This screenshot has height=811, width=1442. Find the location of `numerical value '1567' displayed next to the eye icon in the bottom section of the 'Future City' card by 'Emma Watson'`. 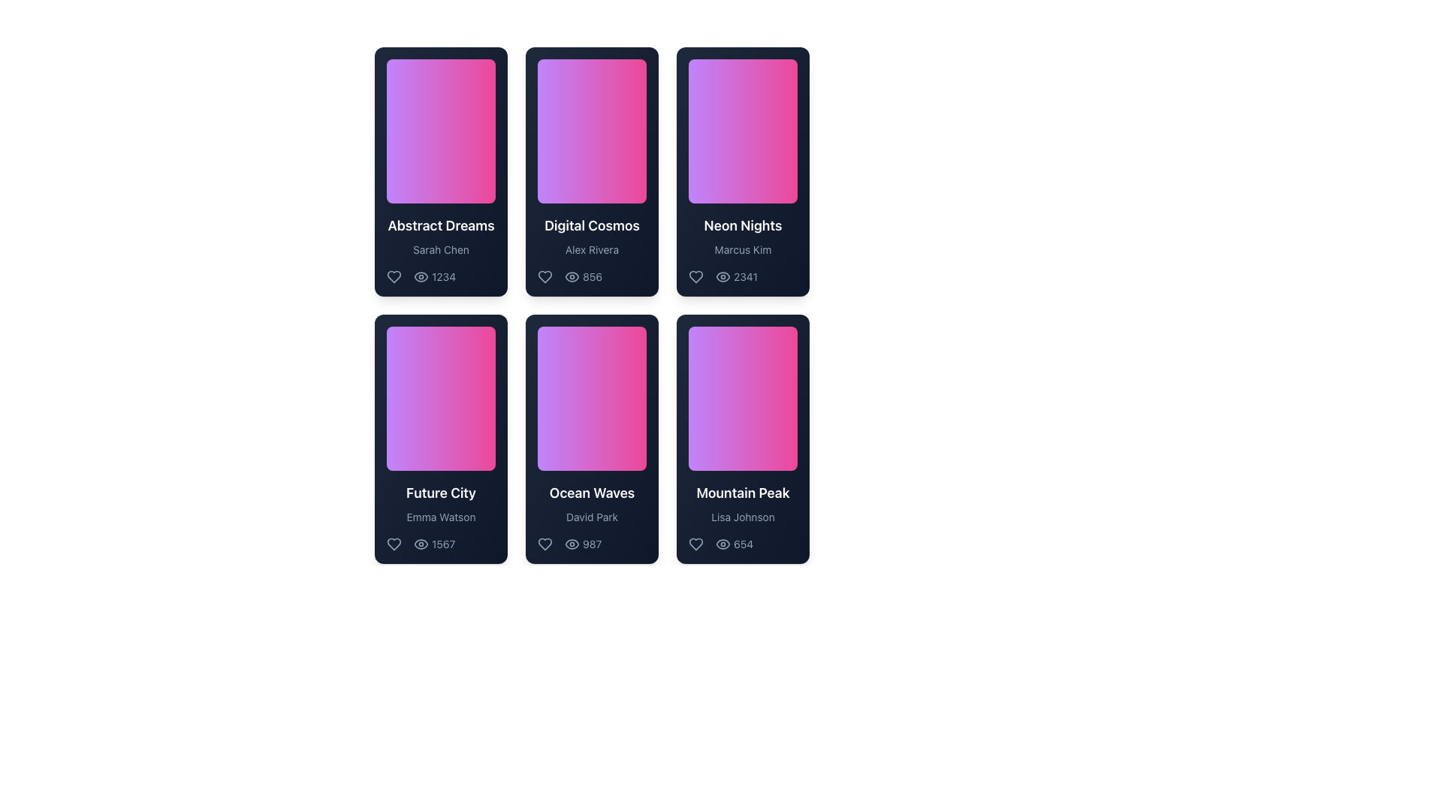

numerical value '1567' displayed next to the eye icon in the bottom section of the 'Future City' card by 'Emma Watson' is located at coordinates (421, 544).